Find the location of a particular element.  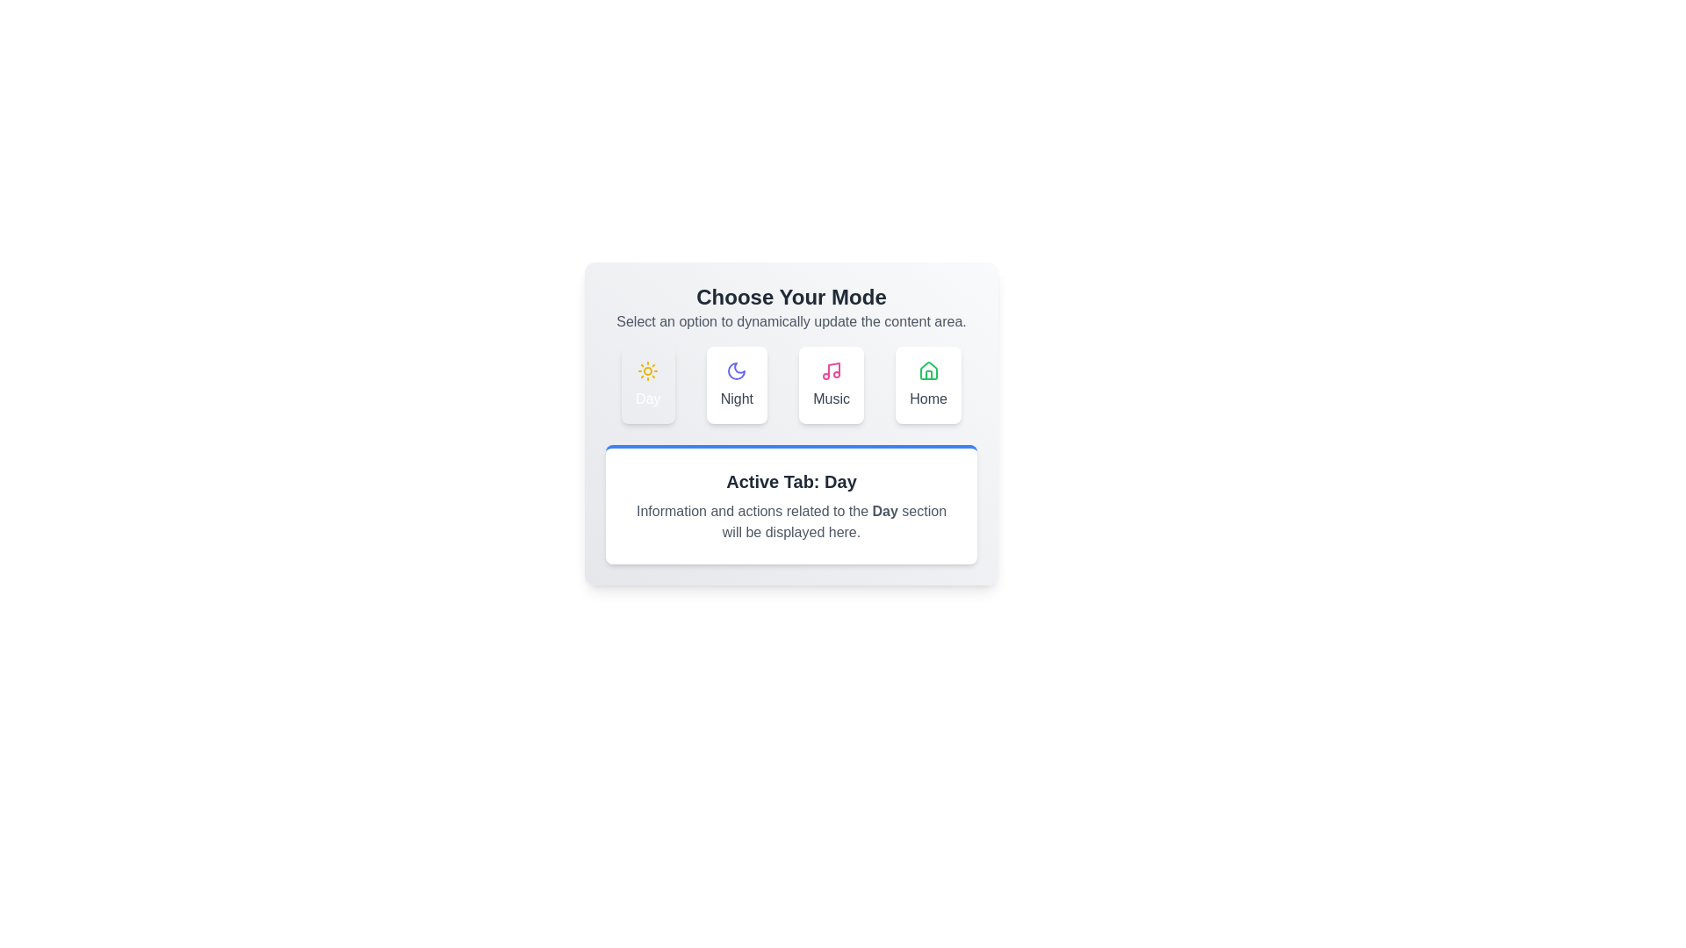

the 'Music' button, which is the third button in a row of four buttons is located at coordinates (831, 384).